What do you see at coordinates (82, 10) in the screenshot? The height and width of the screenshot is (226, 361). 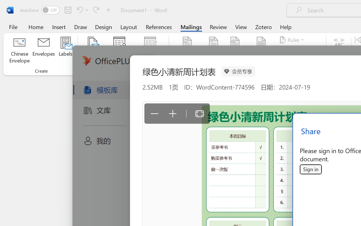 I see `'Undo Apply Quick Style Set'` at bounding box center [82, 10].